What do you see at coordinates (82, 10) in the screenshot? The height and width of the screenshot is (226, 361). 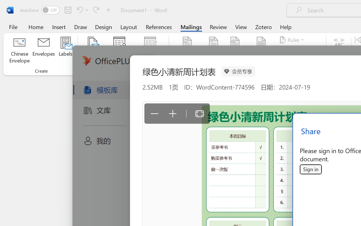 I see `'Undo Apply Quick Style Set'` at bounding box center [82, 10].